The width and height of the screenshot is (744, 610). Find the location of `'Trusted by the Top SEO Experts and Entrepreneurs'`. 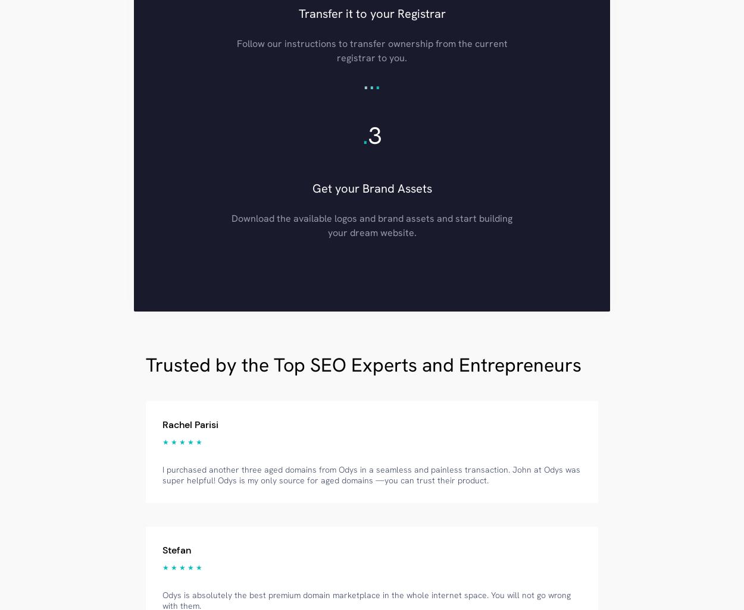

'Trusted by the Top SEO Experts and Entrepreneurs' is located at coordinates (363, 364).